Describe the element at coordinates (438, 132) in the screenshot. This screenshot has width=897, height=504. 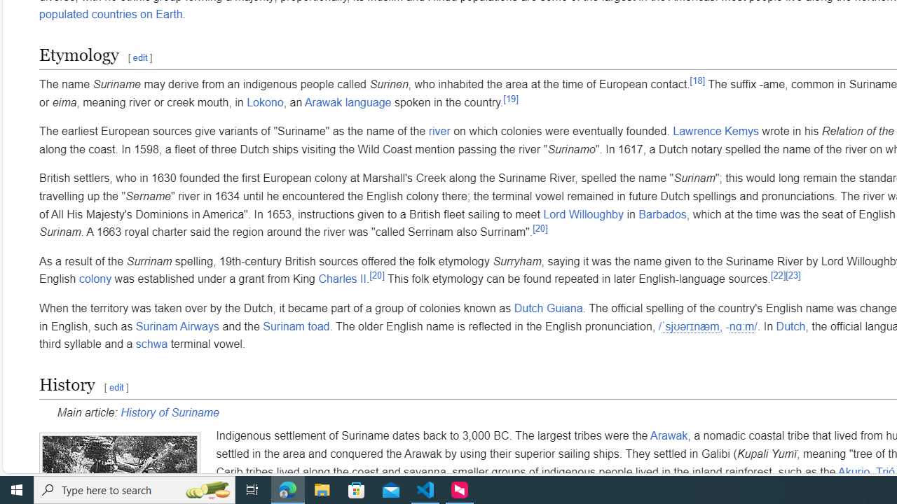
I see `'river'` at that location.